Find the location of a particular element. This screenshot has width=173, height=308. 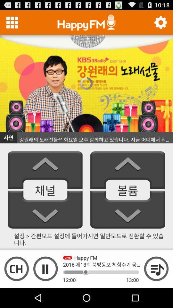

the playlist icon is located at coordinates (156, 287).